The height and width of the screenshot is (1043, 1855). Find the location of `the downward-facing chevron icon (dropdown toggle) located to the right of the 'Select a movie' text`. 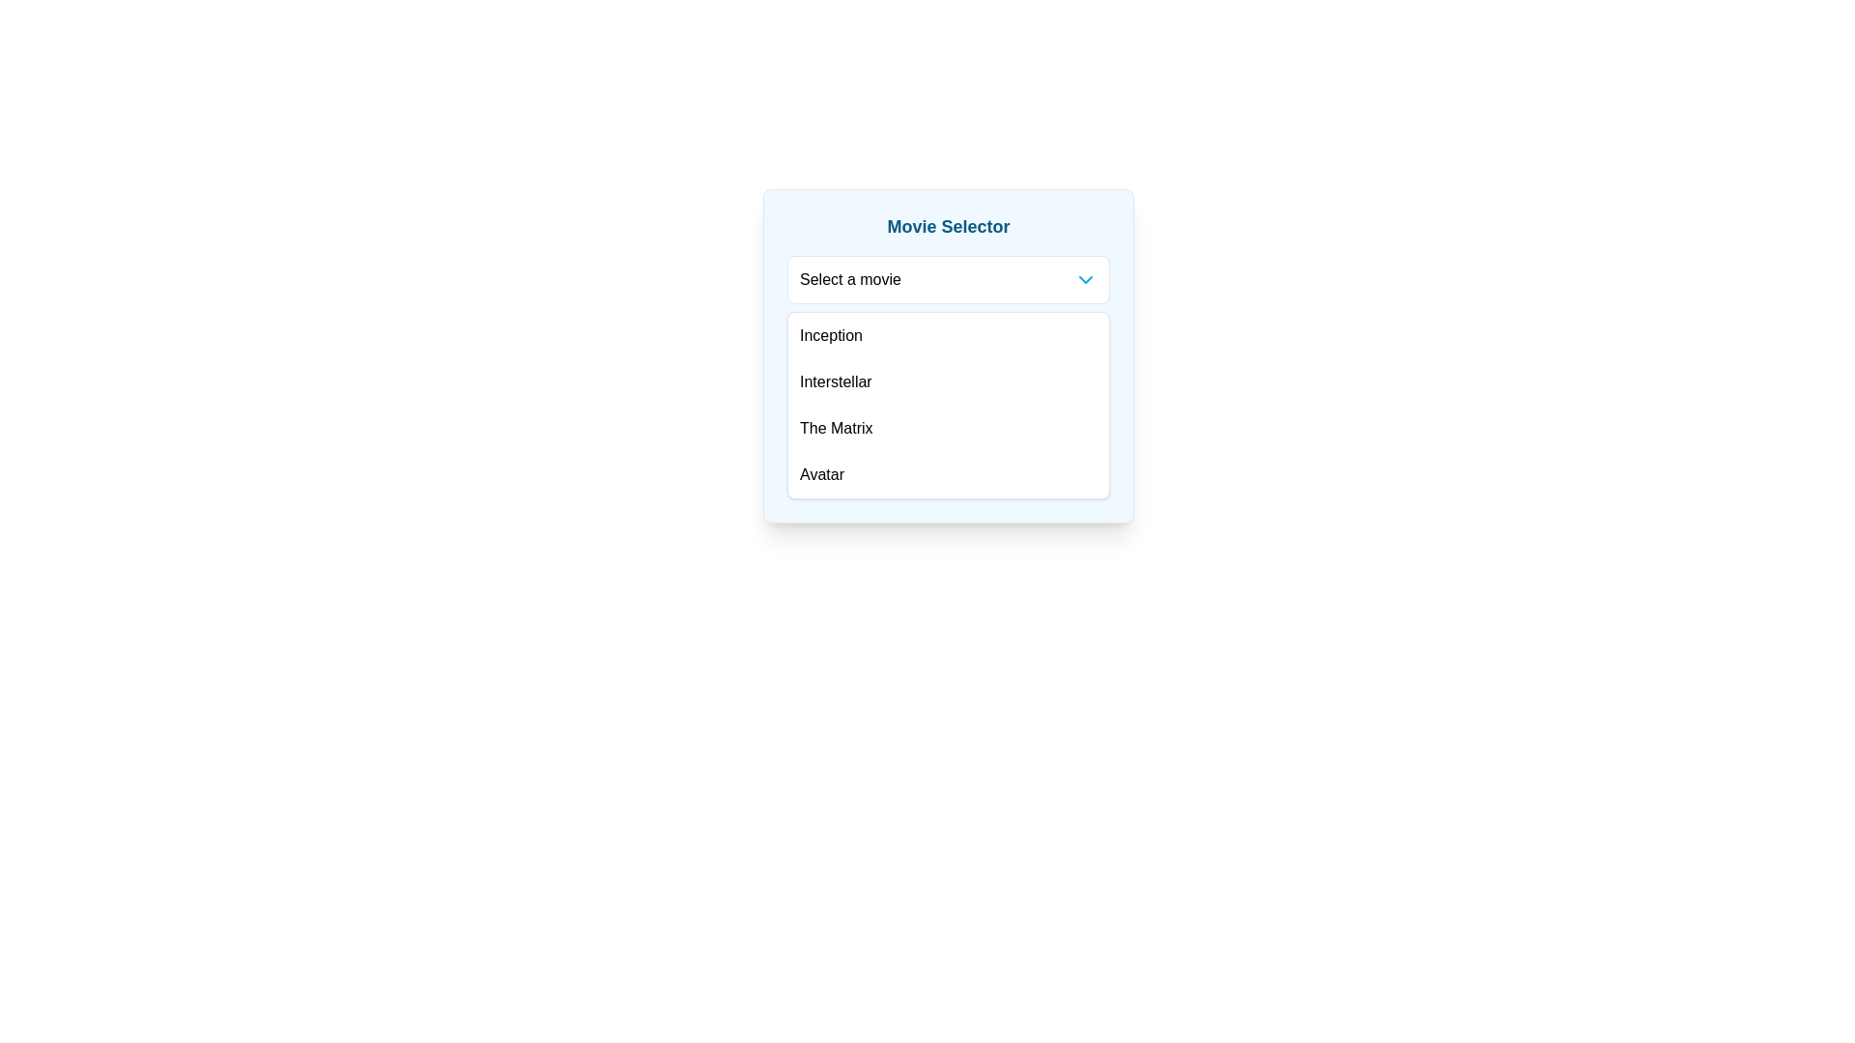

the downward-facing chevron icon (dropdown toggle) located to the right of the 'Select a movie' text is located at coordinates (1085, 279).